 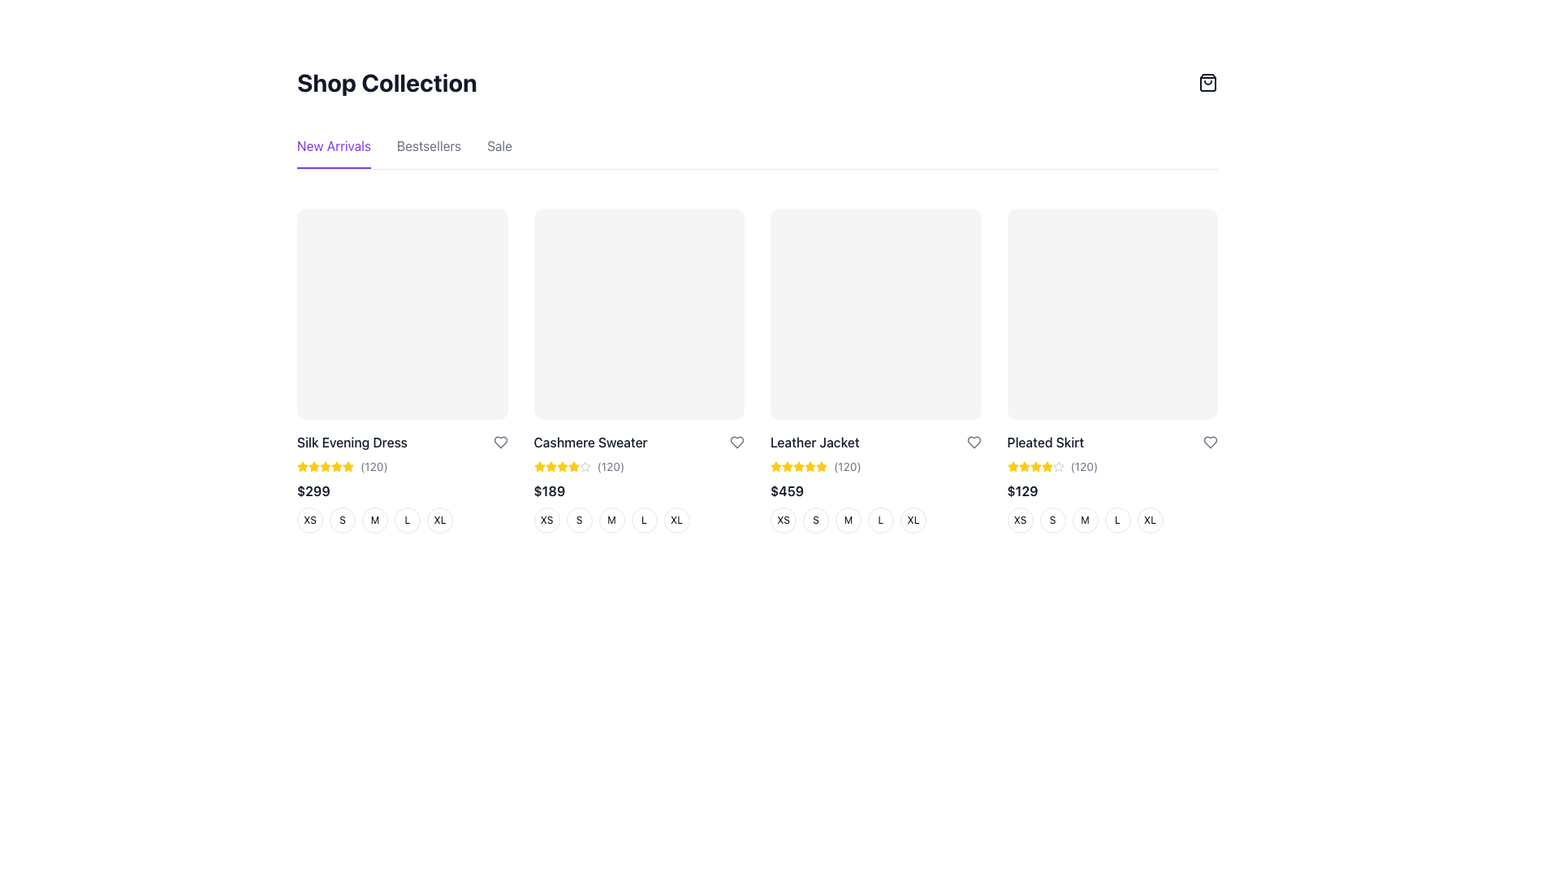 I want to click on the first star in the 5-star rating system for the product titled 'Silk Evening Dress', so click(x=303, y=466).